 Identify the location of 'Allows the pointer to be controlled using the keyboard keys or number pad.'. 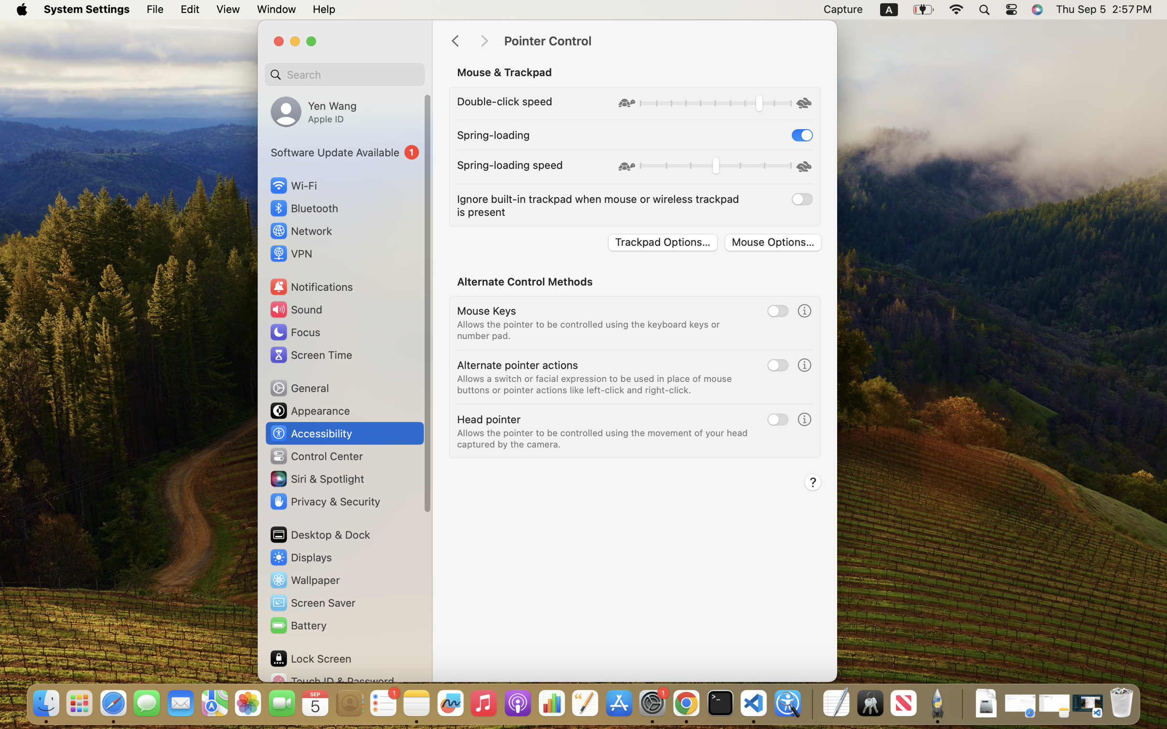
(589, 329).